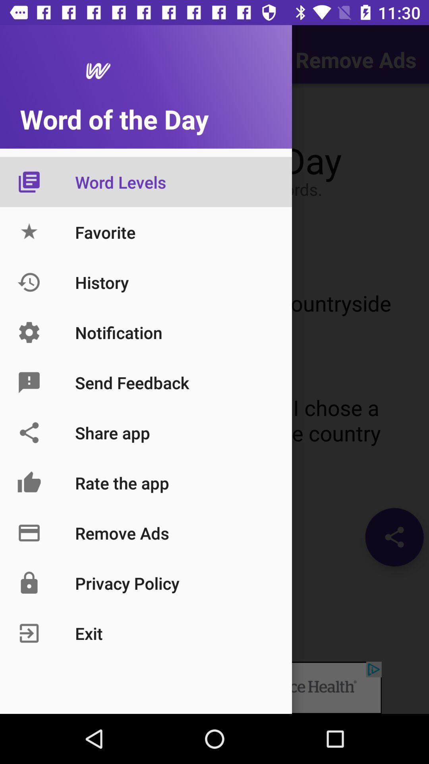 The height and width of the screenshot is (764, 429). I want to click on the pause icon, so click(25, 115).